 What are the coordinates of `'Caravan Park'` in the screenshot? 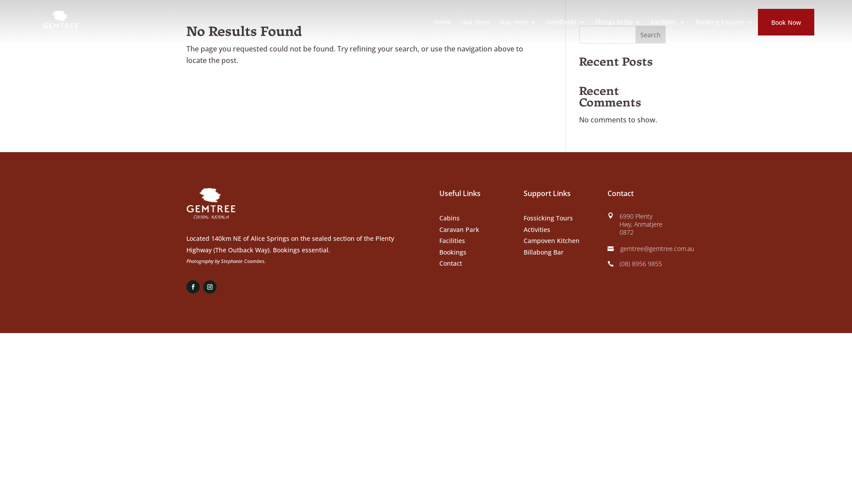 It's located at (439, 229).